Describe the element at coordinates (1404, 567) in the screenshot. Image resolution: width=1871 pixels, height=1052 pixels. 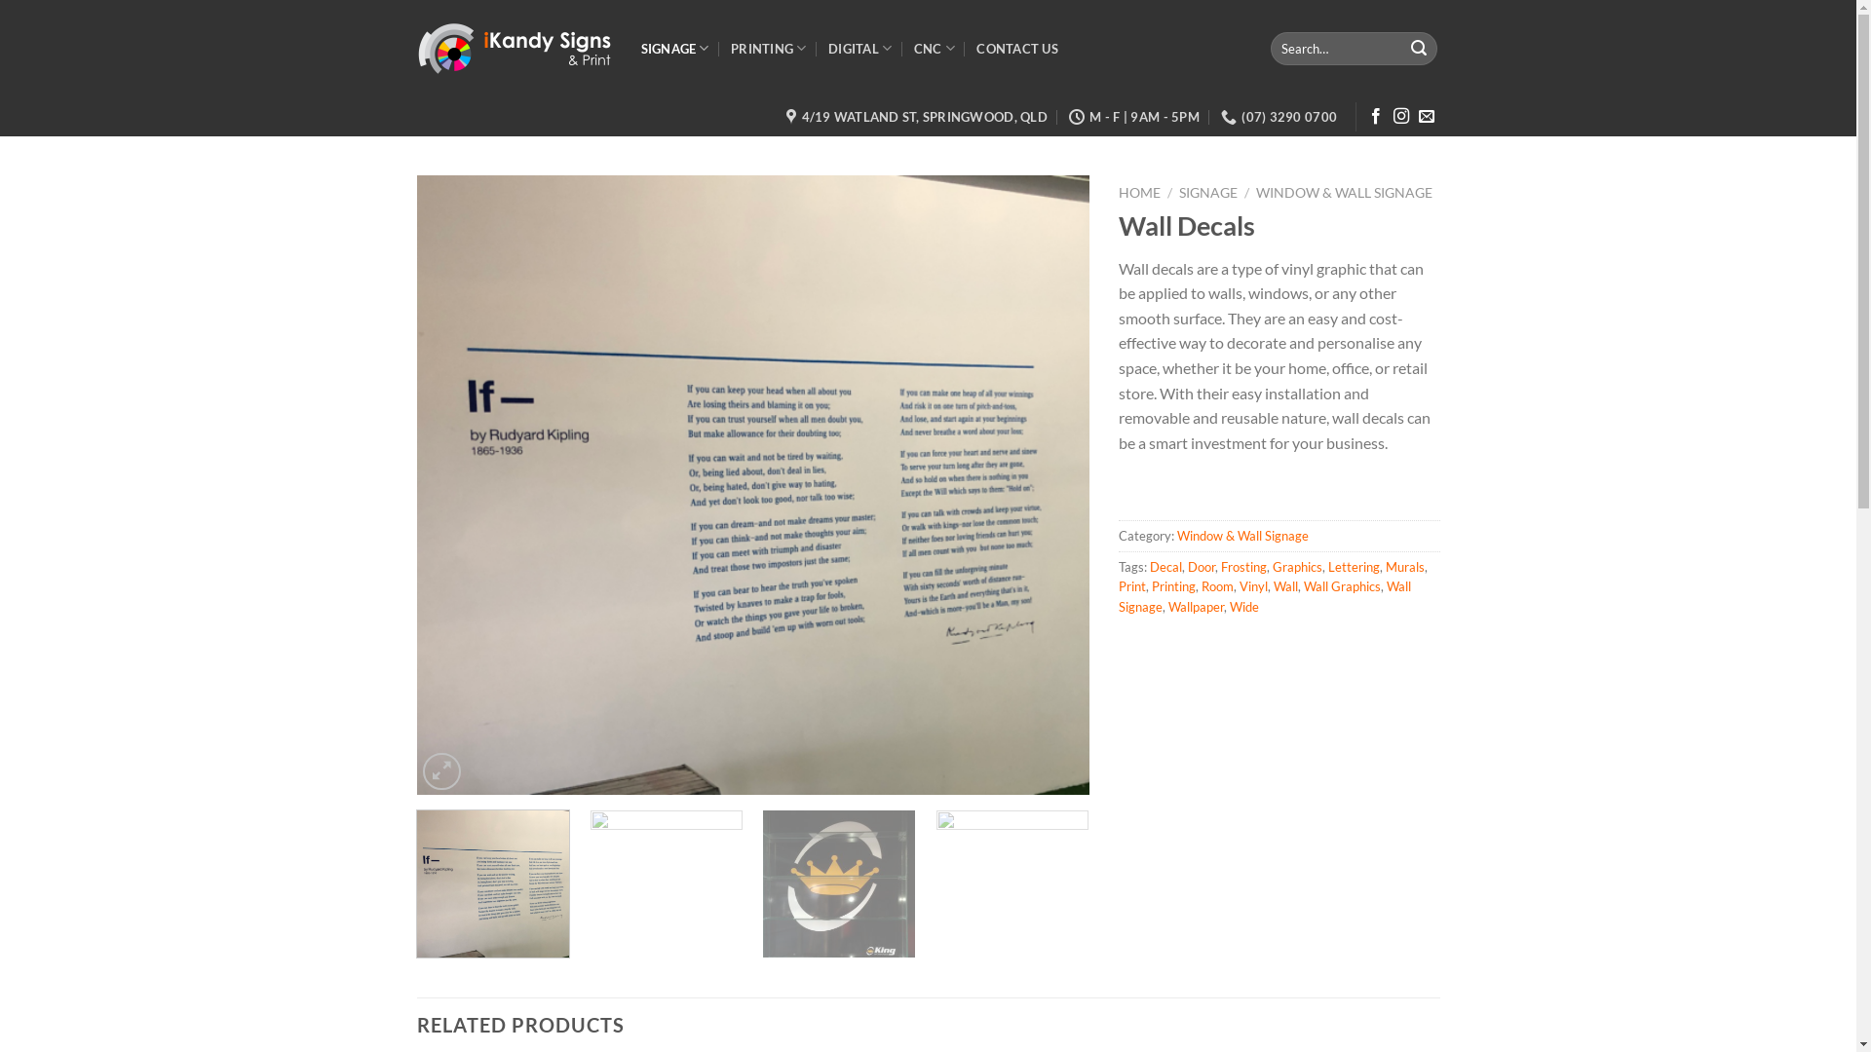
I see `'Murals'` at that location.